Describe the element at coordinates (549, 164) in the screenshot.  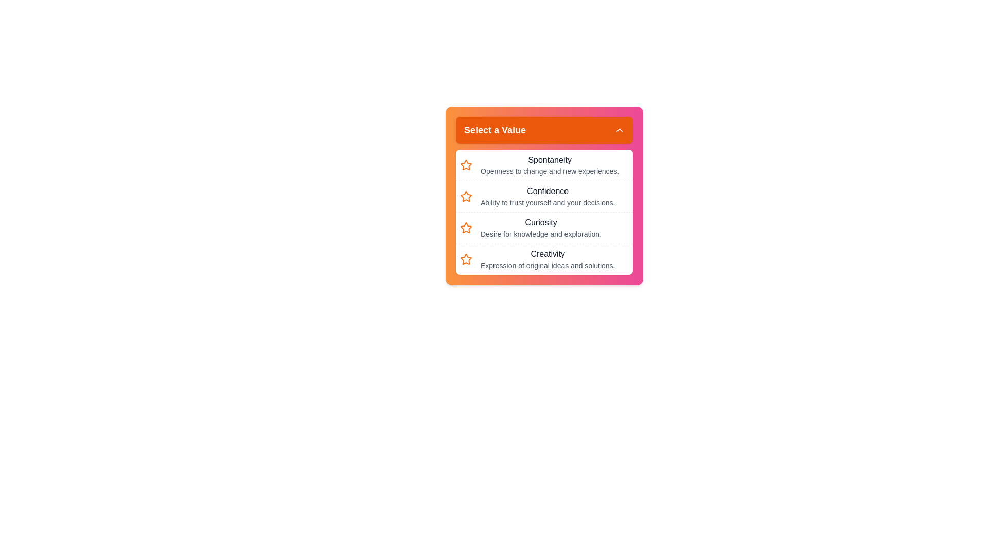
I see `the first list item in the drop-down menu labeled 'Spontaneity'` at that location.